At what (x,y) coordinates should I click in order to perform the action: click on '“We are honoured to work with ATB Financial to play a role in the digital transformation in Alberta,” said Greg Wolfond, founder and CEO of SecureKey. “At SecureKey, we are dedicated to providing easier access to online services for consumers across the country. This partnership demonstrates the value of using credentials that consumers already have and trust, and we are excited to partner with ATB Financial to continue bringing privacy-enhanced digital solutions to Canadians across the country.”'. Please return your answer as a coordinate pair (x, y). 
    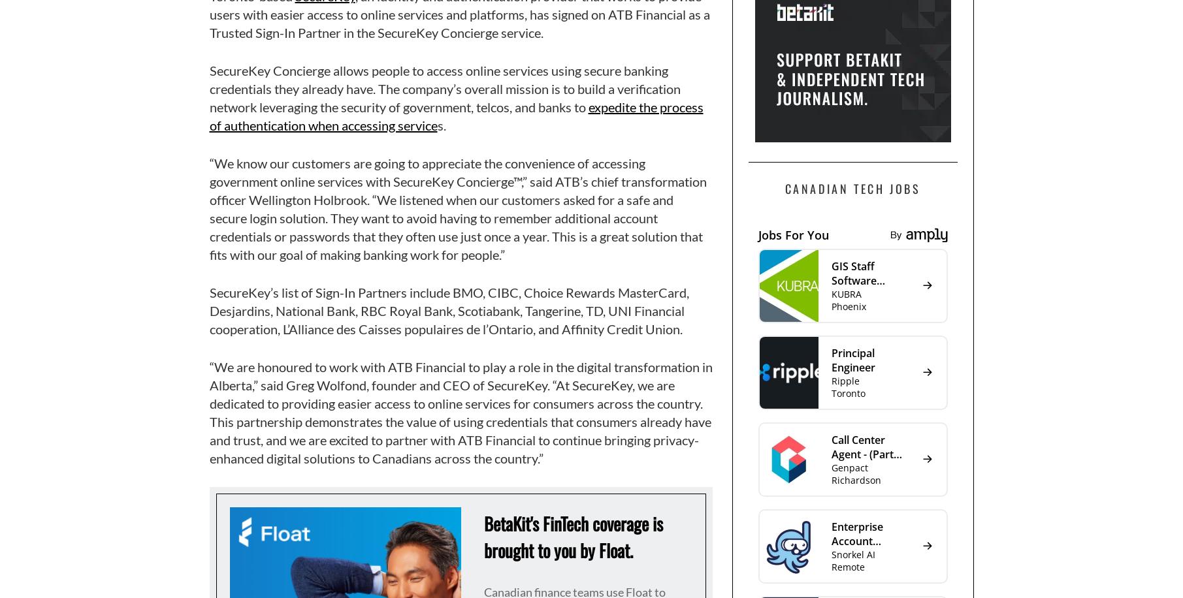
    Looking at the image, I should click on (460, 412).